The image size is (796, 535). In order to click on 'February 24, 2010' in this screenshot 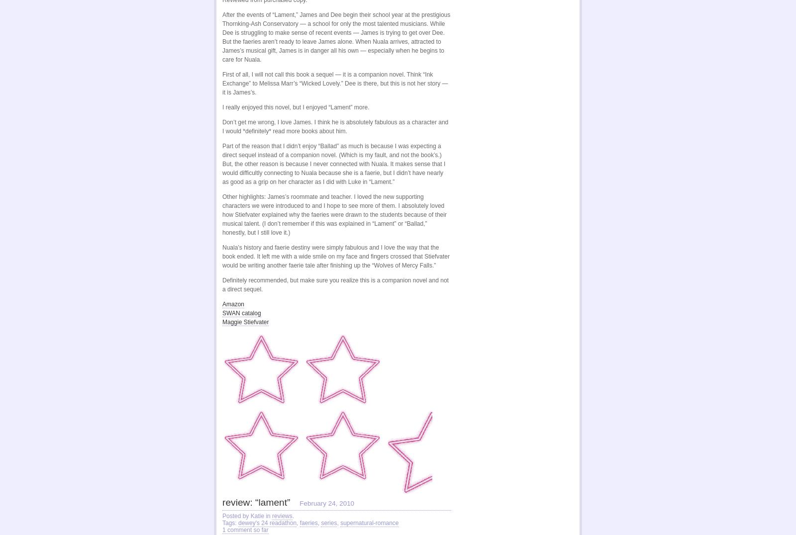, I will do `click(326, 502)`.